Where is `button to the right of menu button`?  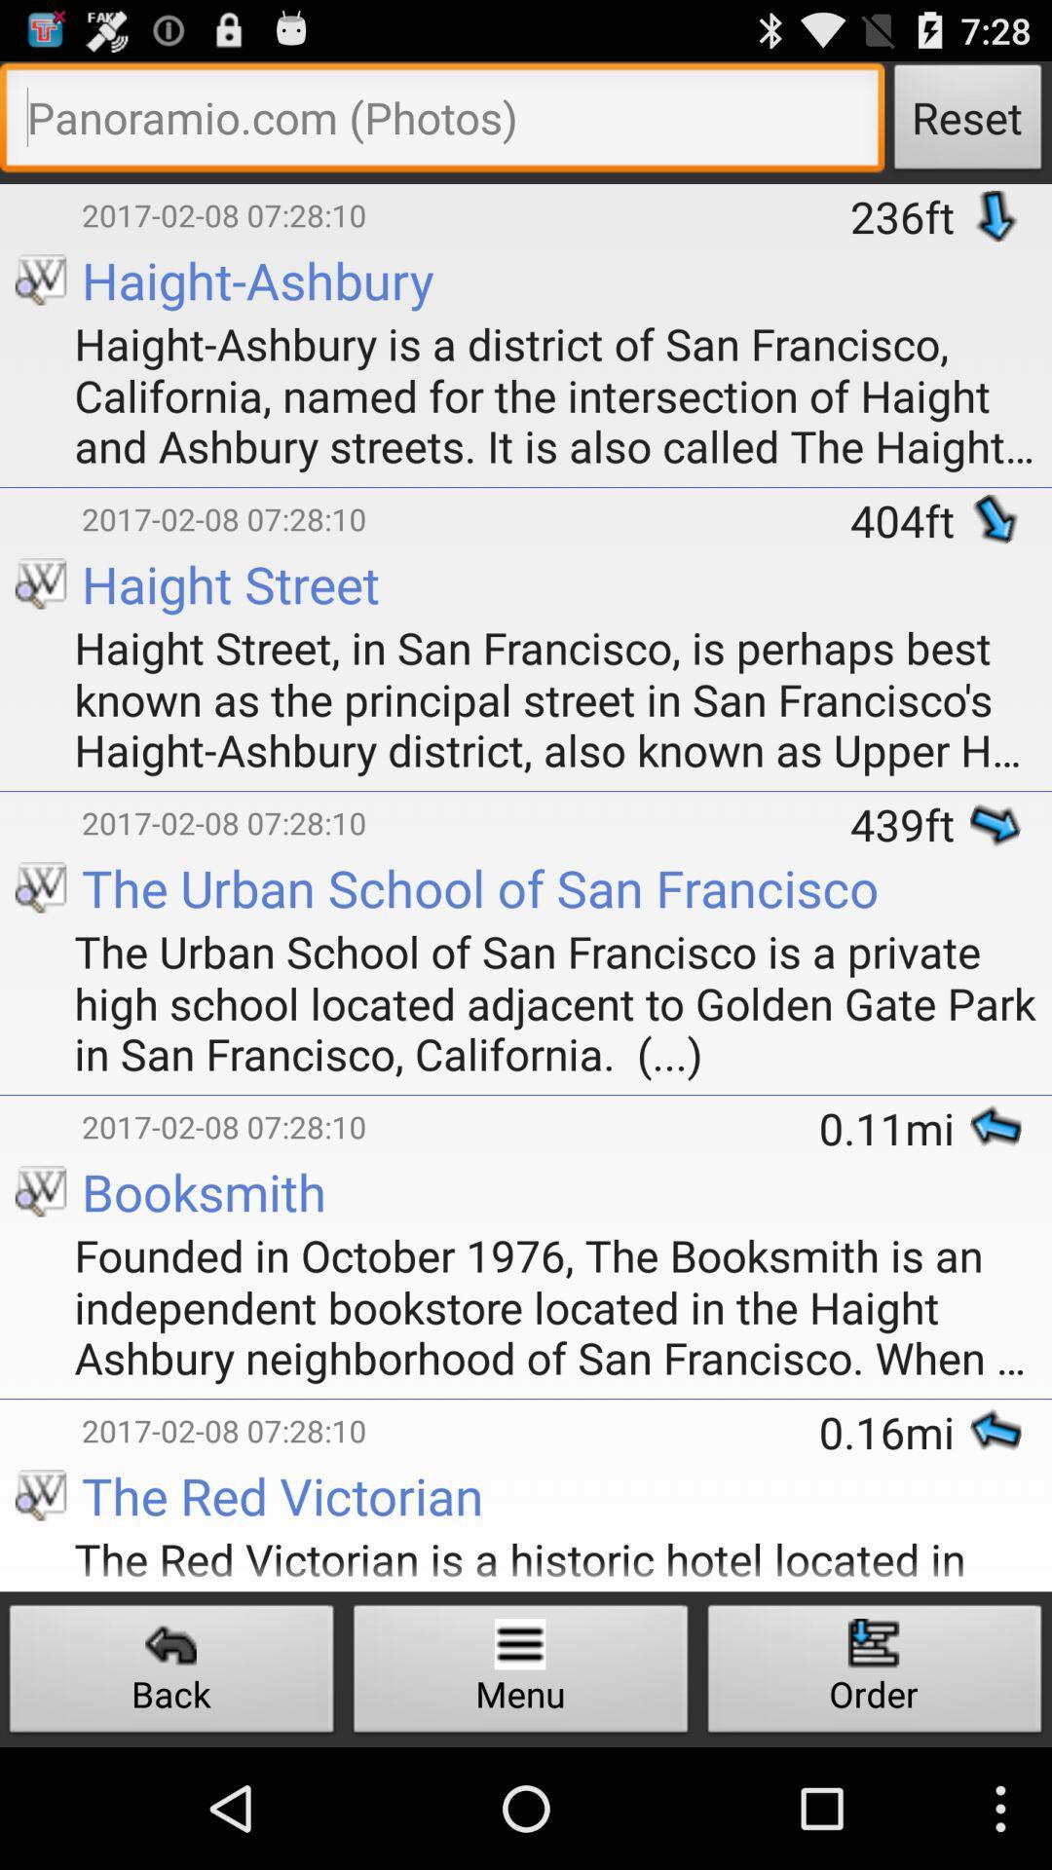 button to the right of menu button is located at coordinates (874, 1673).